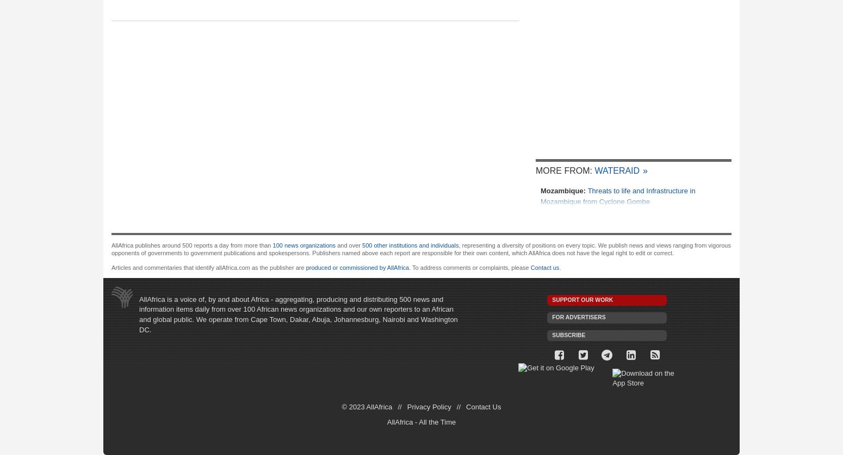  Describe the element at coordinates (348, 245) in the screenshot. I see `'and over'` at that location.